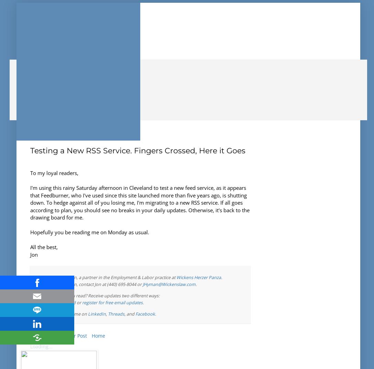 The width and height of the screenshot is (374, 369). I want to click on 'Facebook', so click(145, 314).